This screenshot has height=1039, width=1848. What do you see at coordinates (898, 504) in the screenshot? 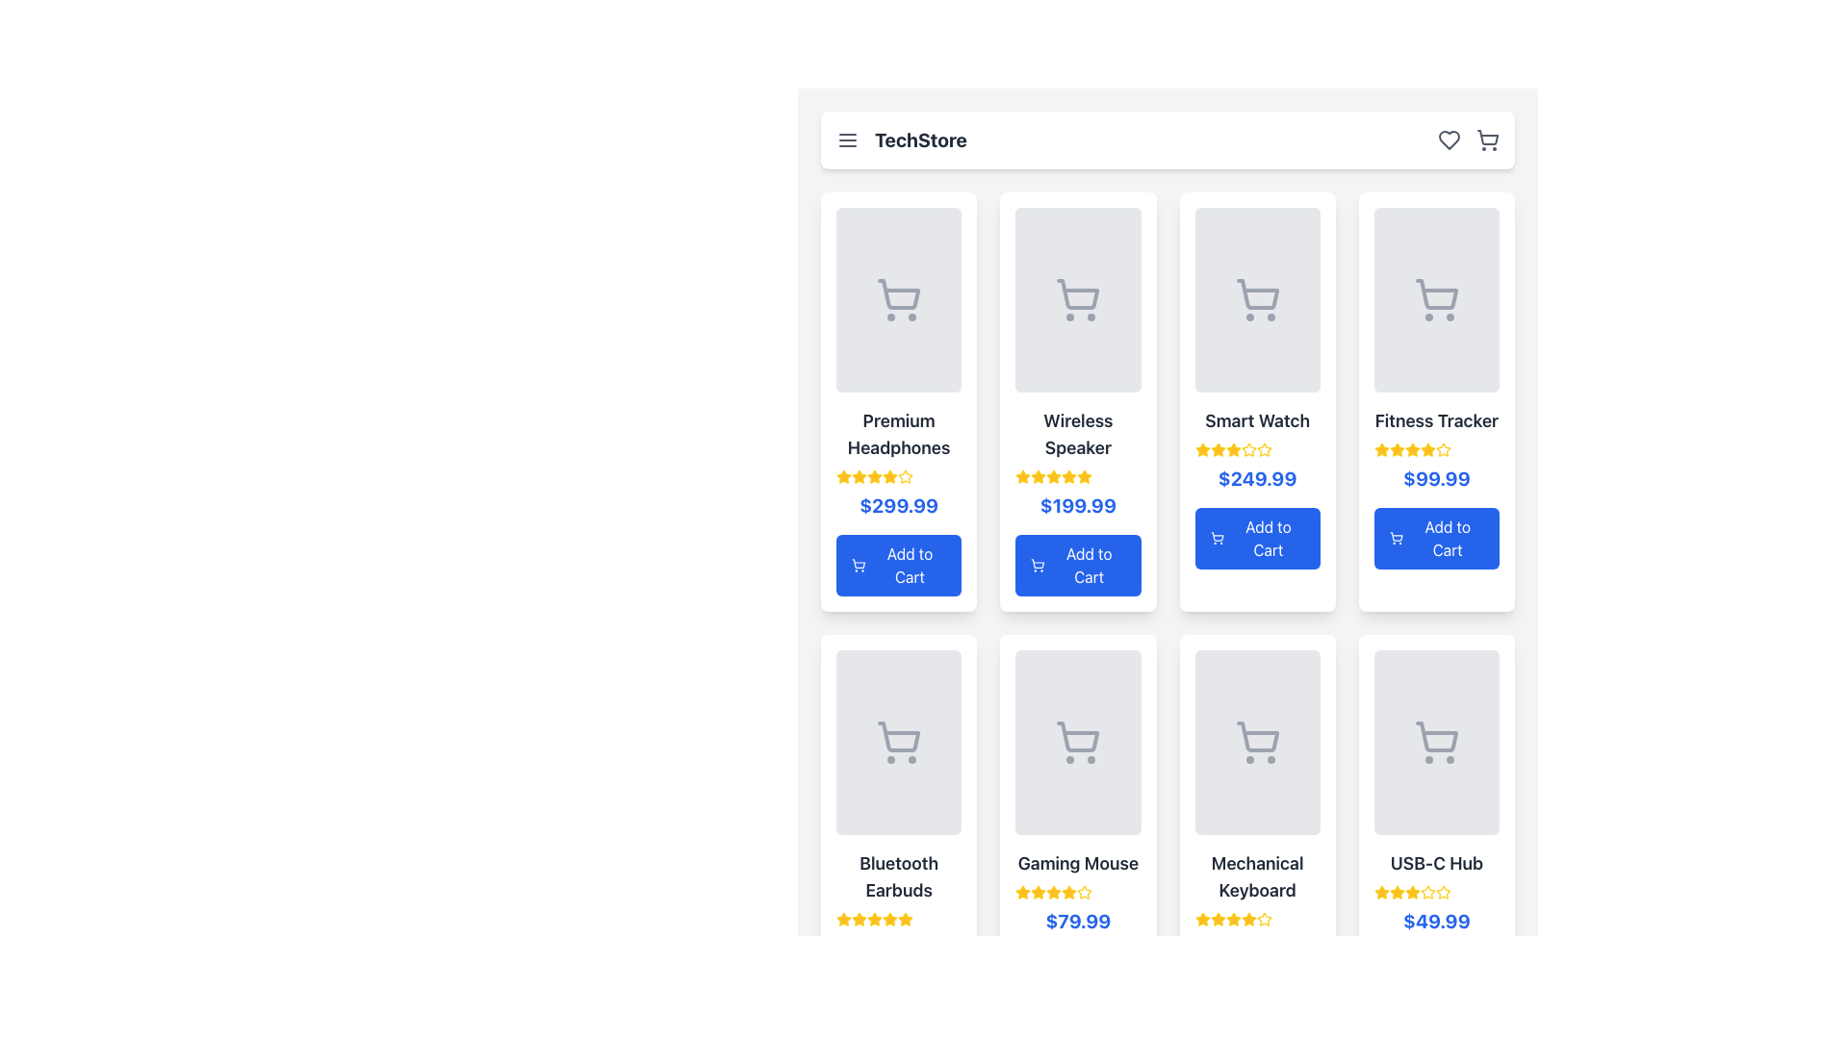
I see `price displayed in the text label for 'Premium Headphones', located in the first column of the top row, below the star rating and above the 'Add to Cart' button` at bounding box center [898, 504].